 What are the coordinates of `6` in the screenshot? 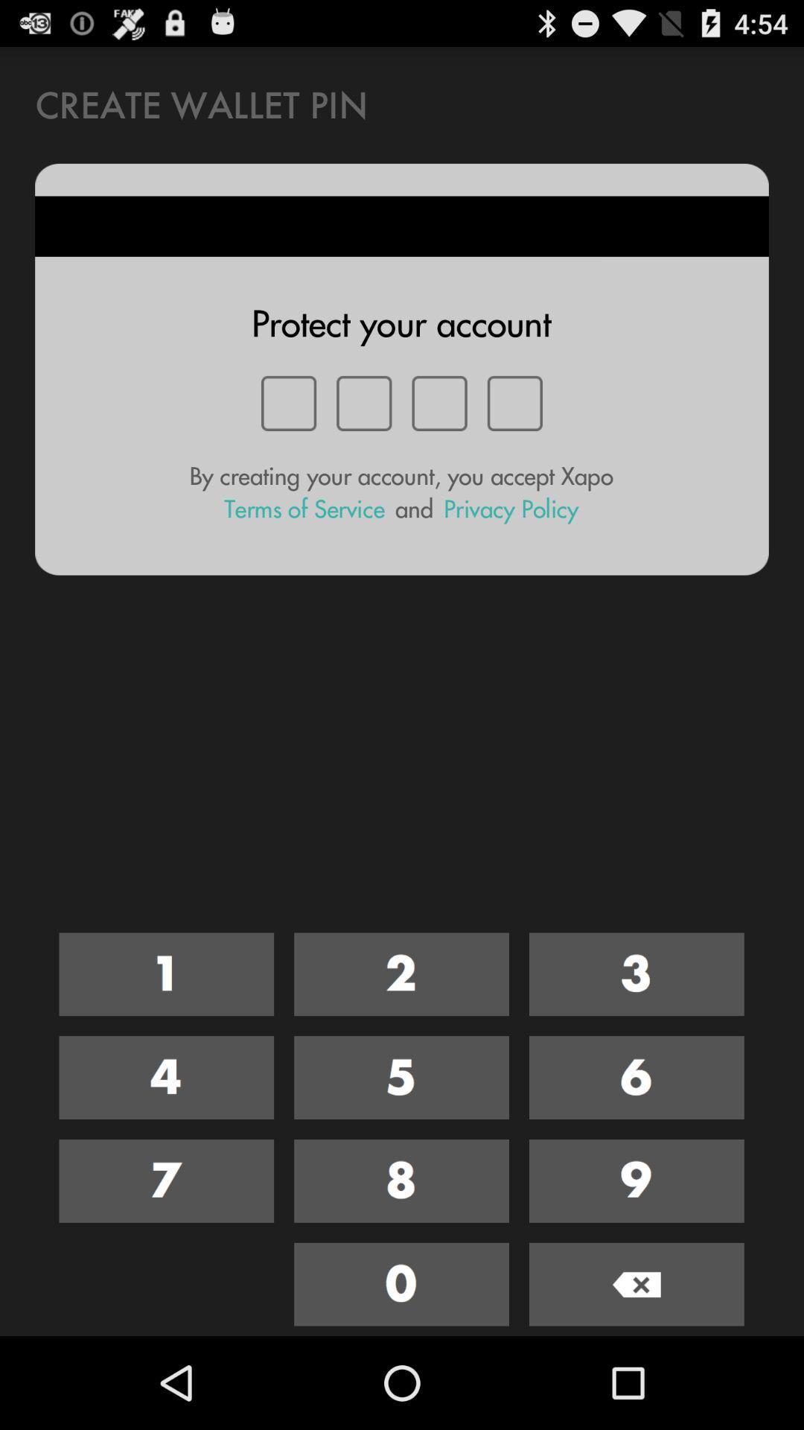 It's located at (636, 1078).